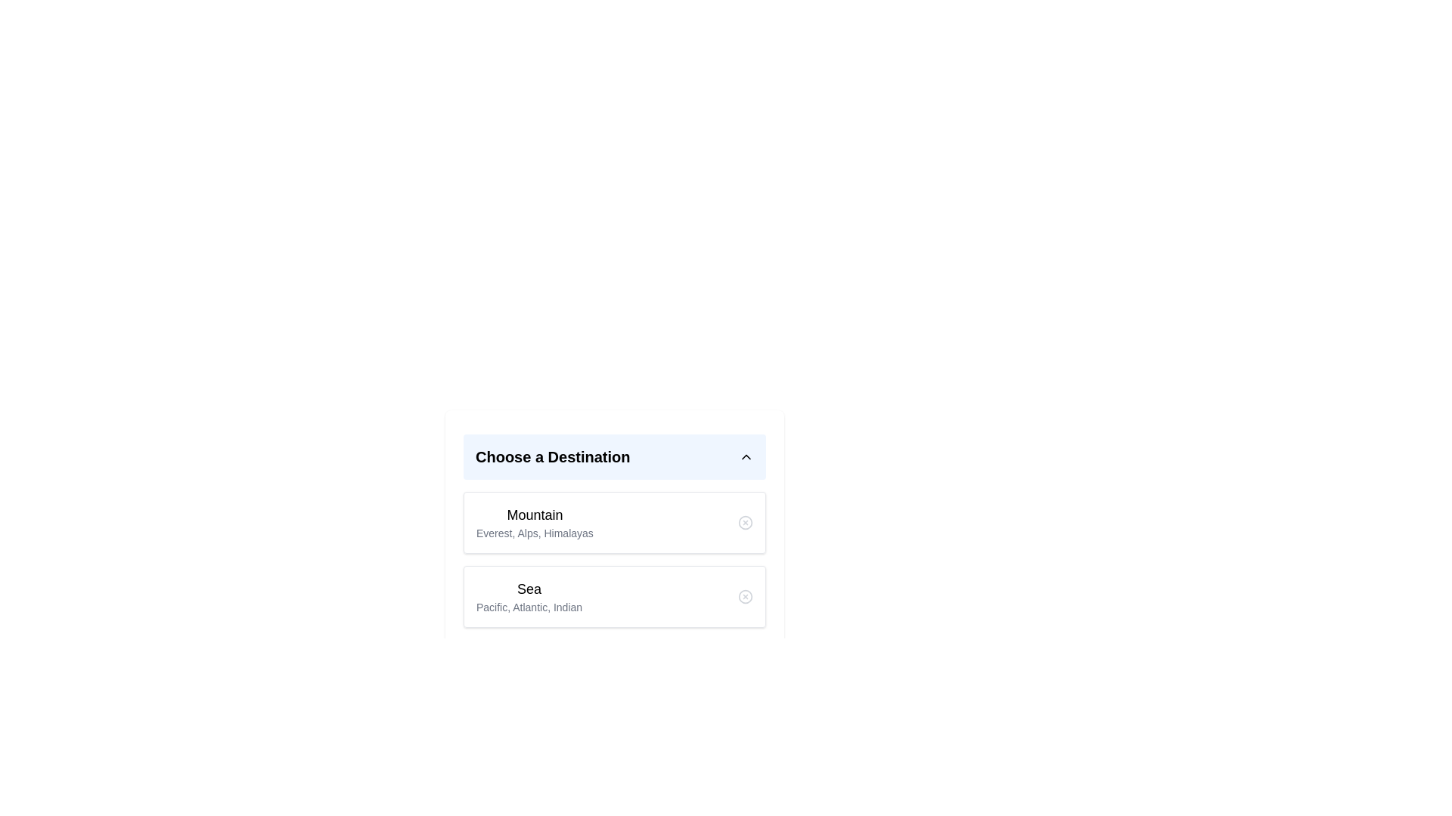 This screenshot has height=816, width=1452. What do you see at coordinates (535, 532) in the screenshot?
I see `the text label displaying 'Everest, Alps, Himalayas', which is located directly under the 'Mountain' label in the 'Choose a Destination' section` at bounding box center [535, 532].